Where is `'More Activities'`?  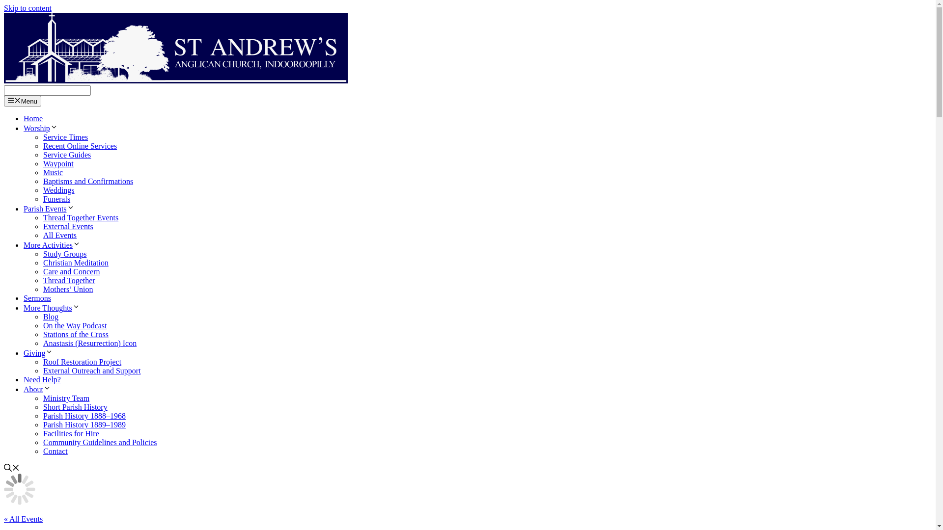 'More Activities' is located at coordinates (51, 244).